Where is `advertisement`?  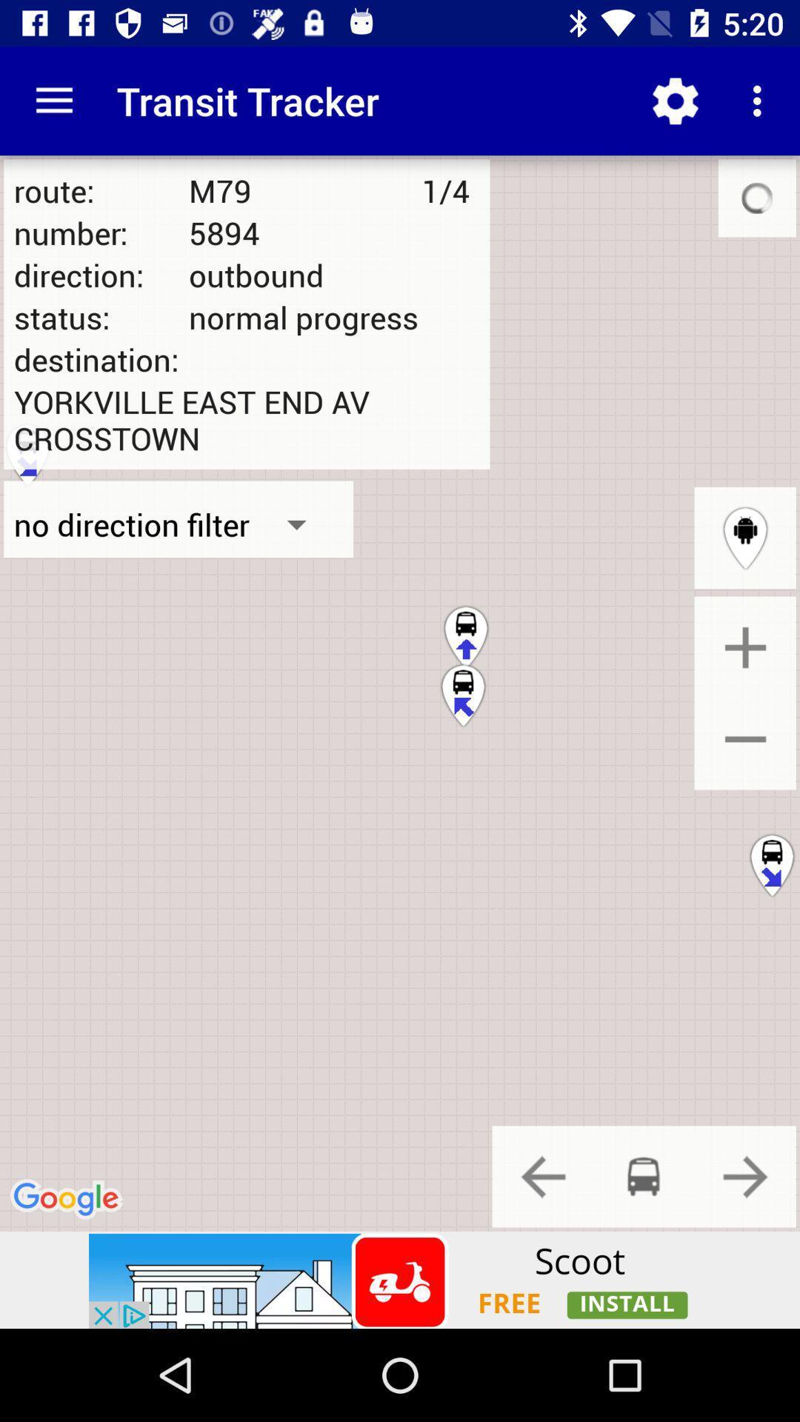
advertisement is located at coordinates (400, 1279).